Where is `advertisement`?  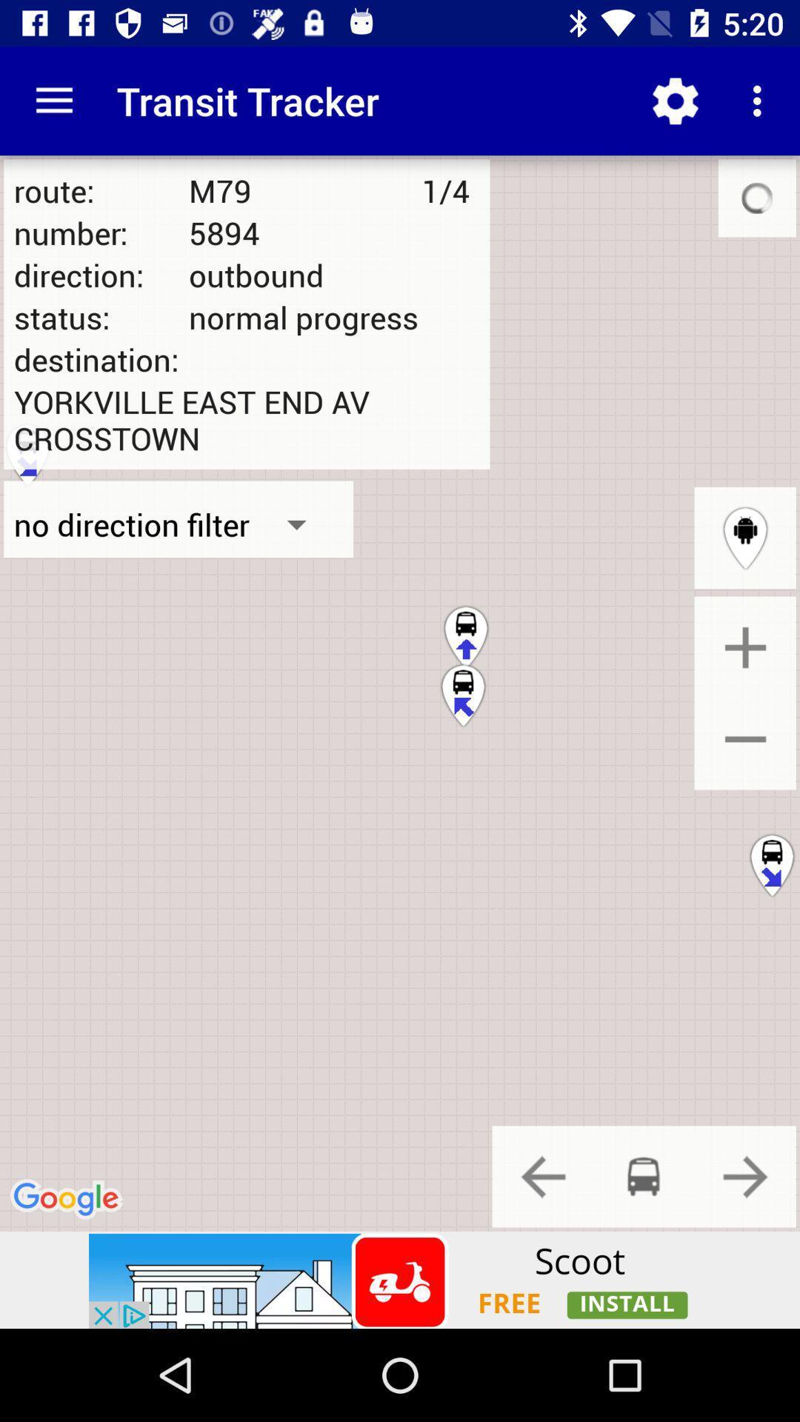
advertisement is located at coordinates (400, 1279).